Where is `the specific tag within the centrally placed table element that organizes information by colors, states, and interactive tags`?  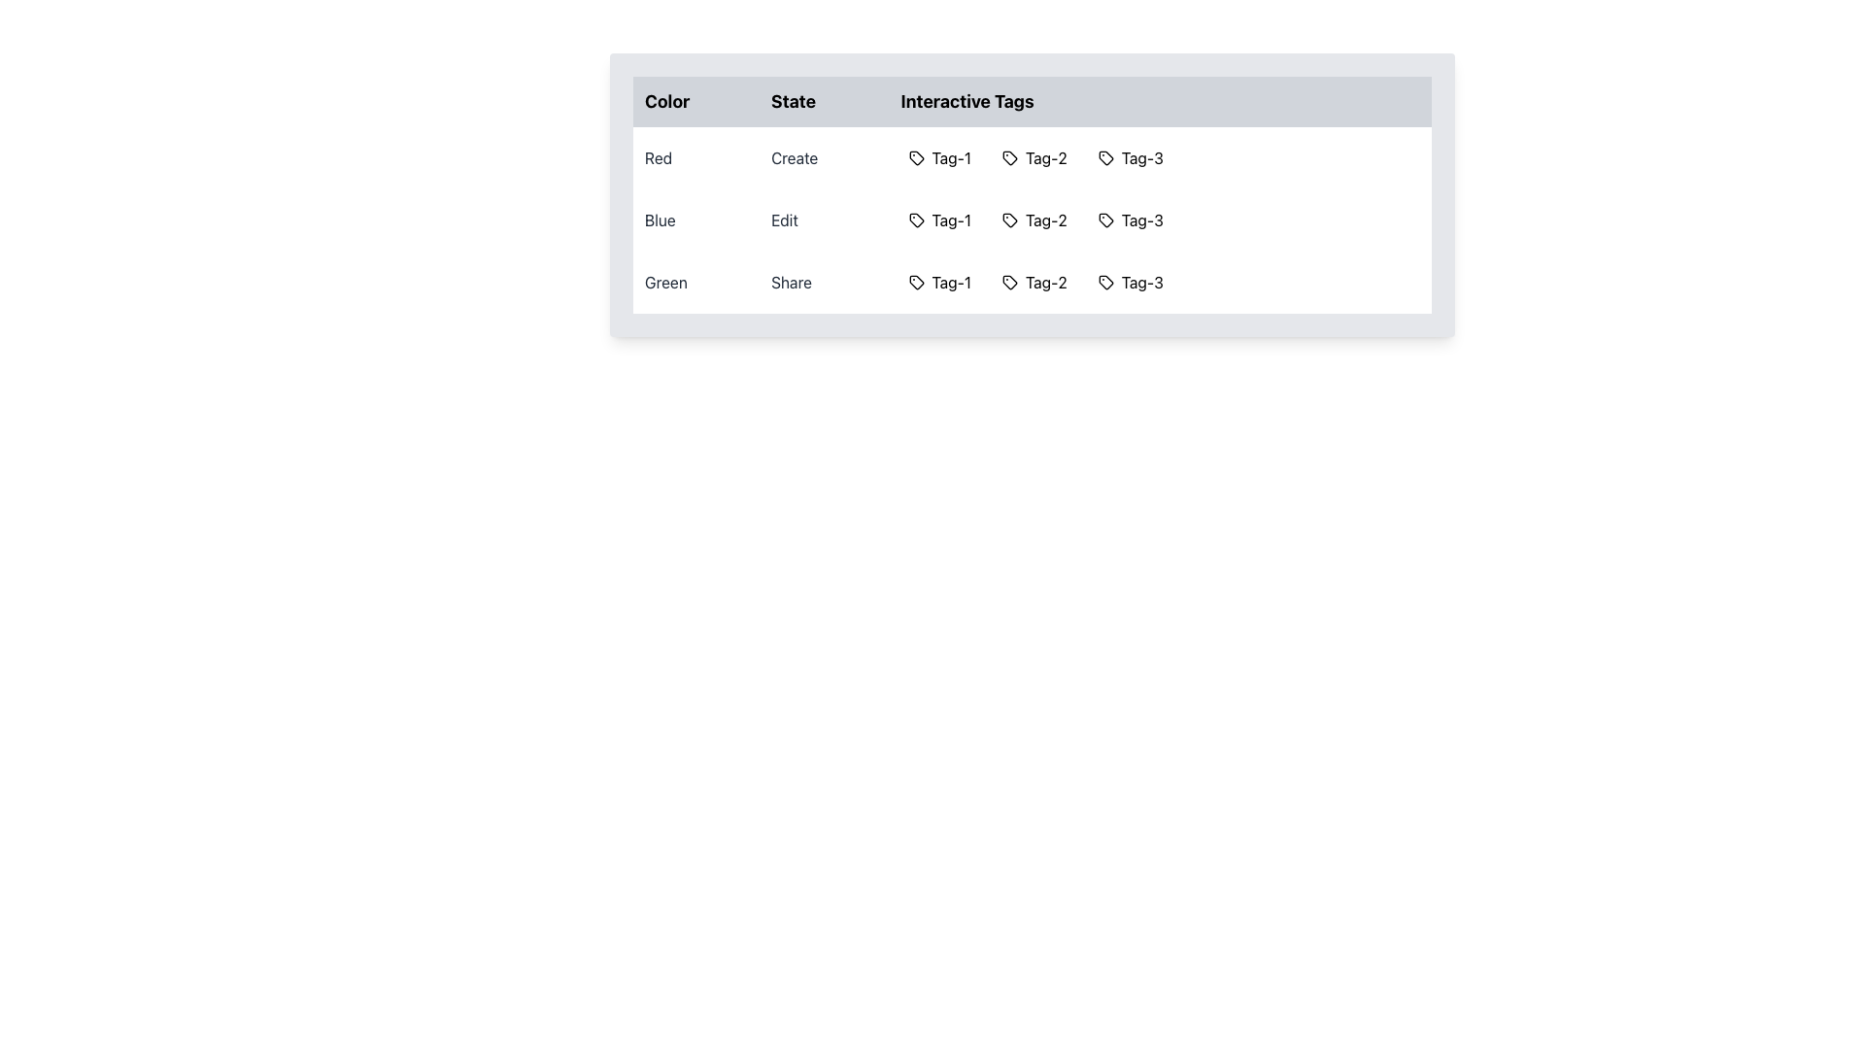 the specific tag within the centrally placed table element that organizes information by colors, states, and interactive tags is located at coordinates (1031, 194).